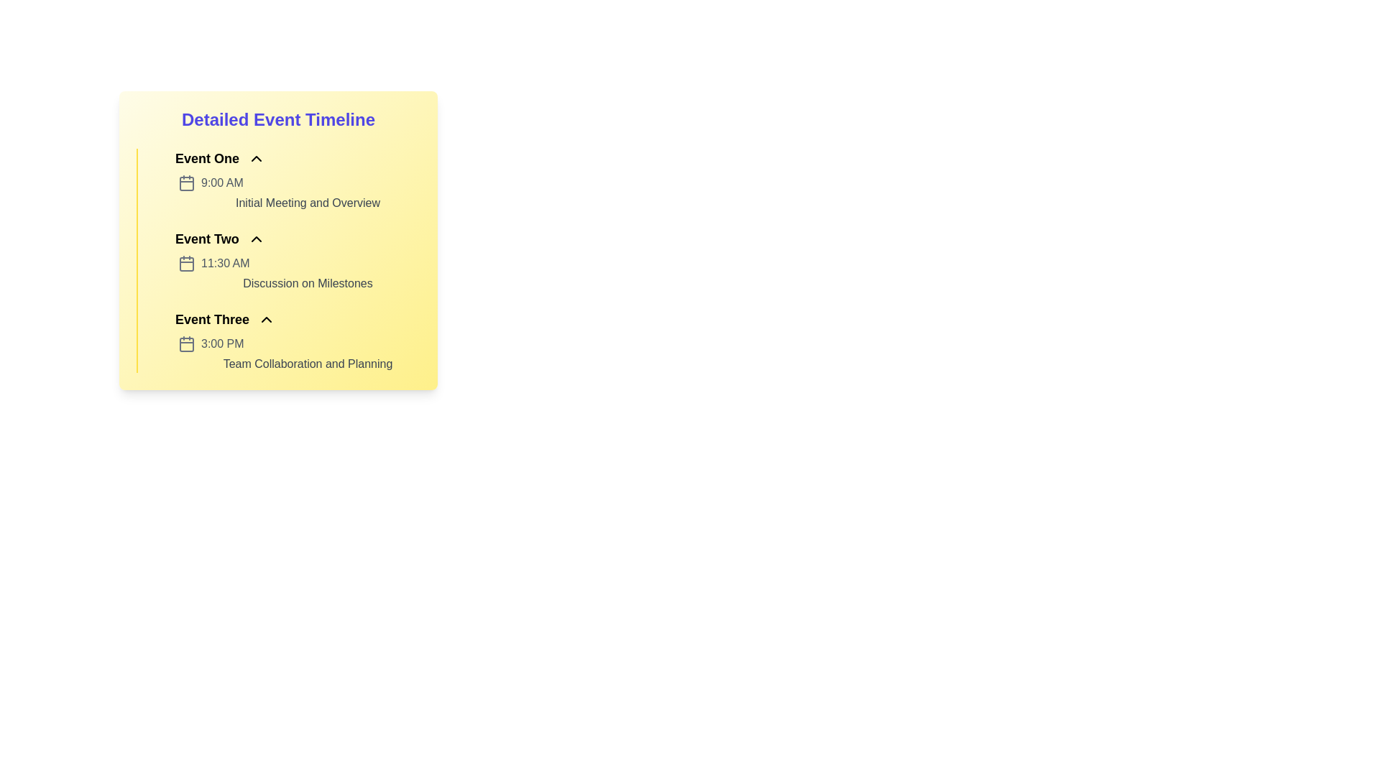 This screenshot has height=776, width=1380. Describe the element at coordinates (307, 363) in the screenshot. I see `the static text label that provides descriptive information about 'Event Three' in the 'Detailed Event Timeline' interface, which is located below the timestamp '3:00 PM'` at that location.